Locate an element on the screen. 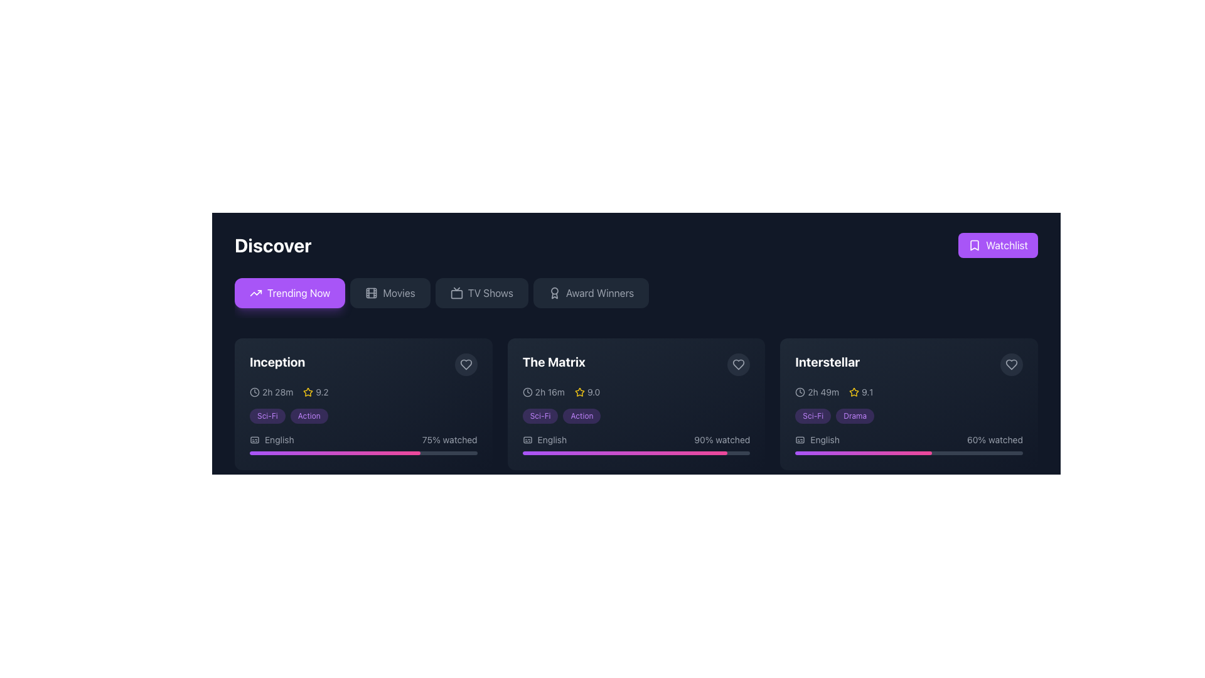  the yellow star-shaped icon representing the rating for 'The Matrix', located next to the numeric score '9.0' is located at coordinates (579, 391).